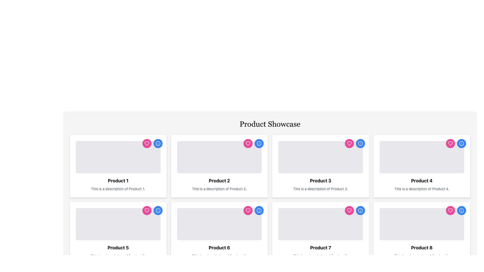 Image resolution: width=484 pixels, height=272 pixels. What do you see at coordinates (219, 180) in the screenshot?
I see `the text label element displaying 'Product 2', which is bold and larger than surrounding text, located in the second card of the top row` at bounding box center [219, 180].